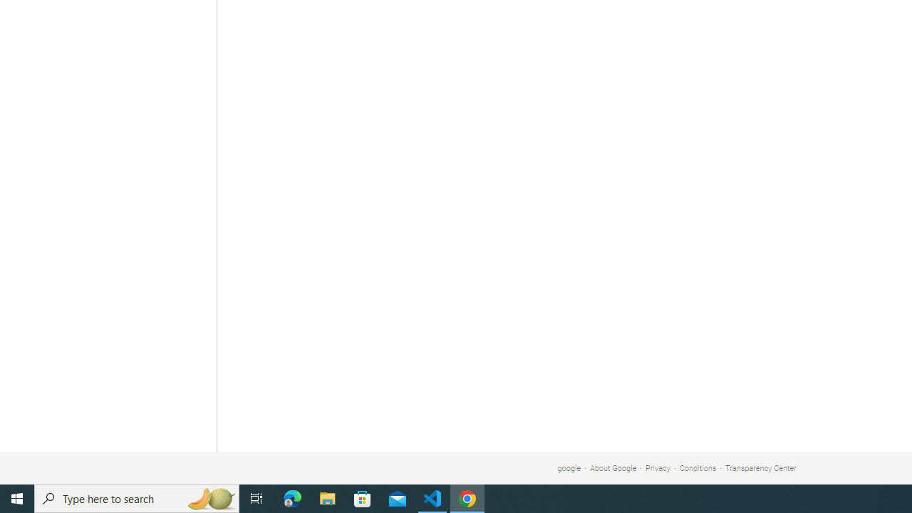 This screenshot has width=912, height=513. Describe the element at coordinates (569, 468) in the screenshot. I see `'google'` at that location.